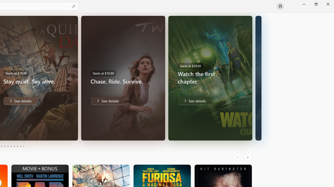 Image resolution: width=334 pixels, height=187 pixels. I want to click on 'Page 6', so click(11, 146).